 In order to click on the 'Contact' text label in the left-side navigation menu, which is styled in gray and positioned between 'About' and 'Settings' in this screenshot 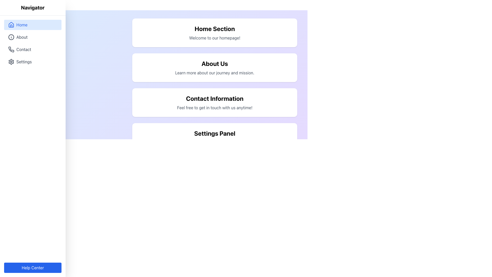, I will do `click(23, 49)`.